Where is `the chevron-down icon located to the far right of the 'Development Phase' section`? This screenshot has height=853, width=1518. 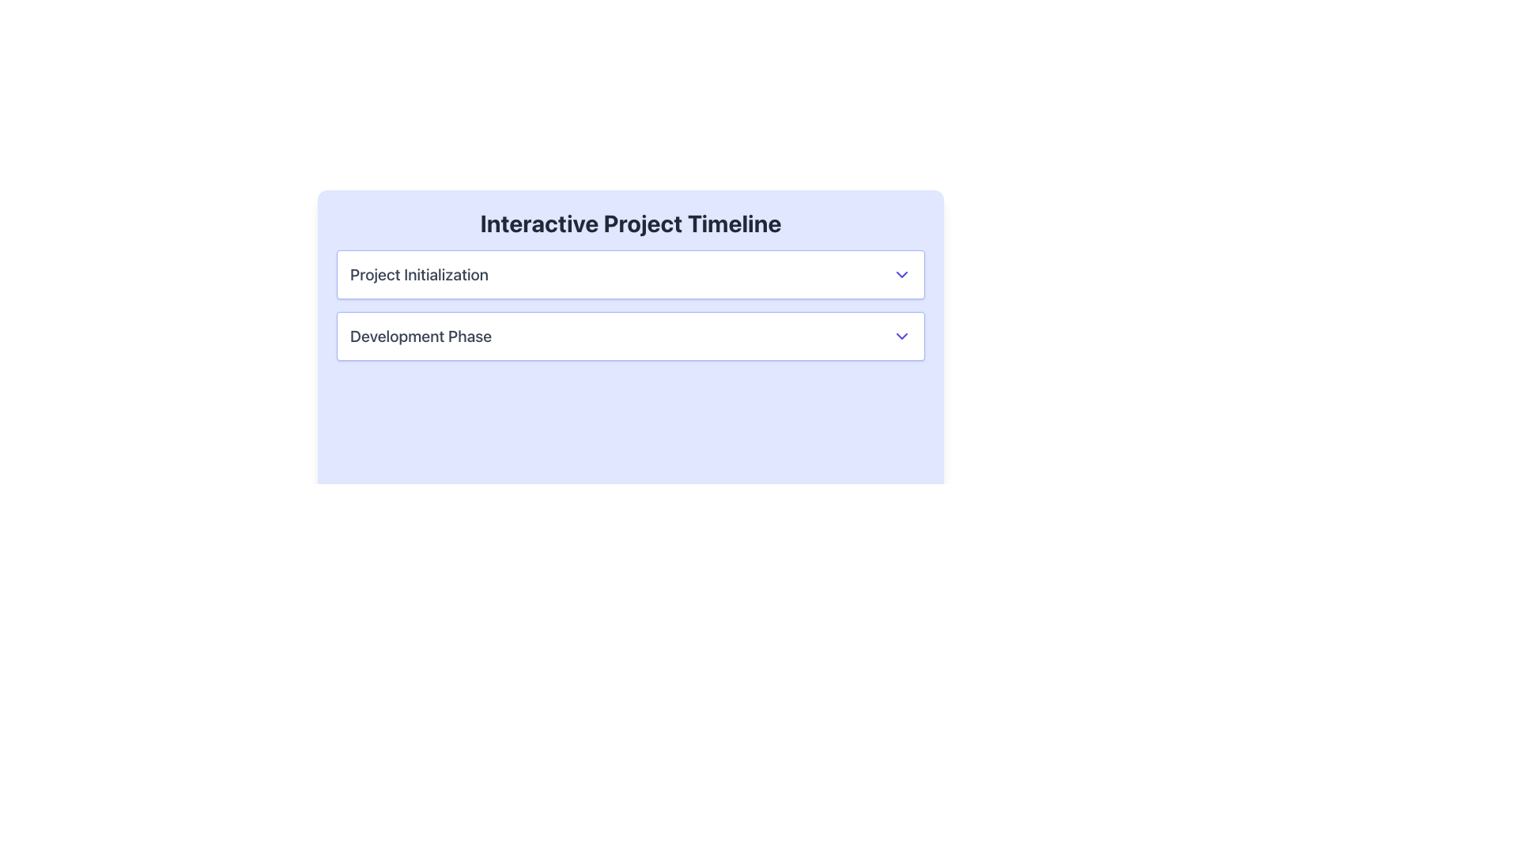
the chevron-down icon located to the far right of the 'Development Phase' section is located at coordinates (902, 335).